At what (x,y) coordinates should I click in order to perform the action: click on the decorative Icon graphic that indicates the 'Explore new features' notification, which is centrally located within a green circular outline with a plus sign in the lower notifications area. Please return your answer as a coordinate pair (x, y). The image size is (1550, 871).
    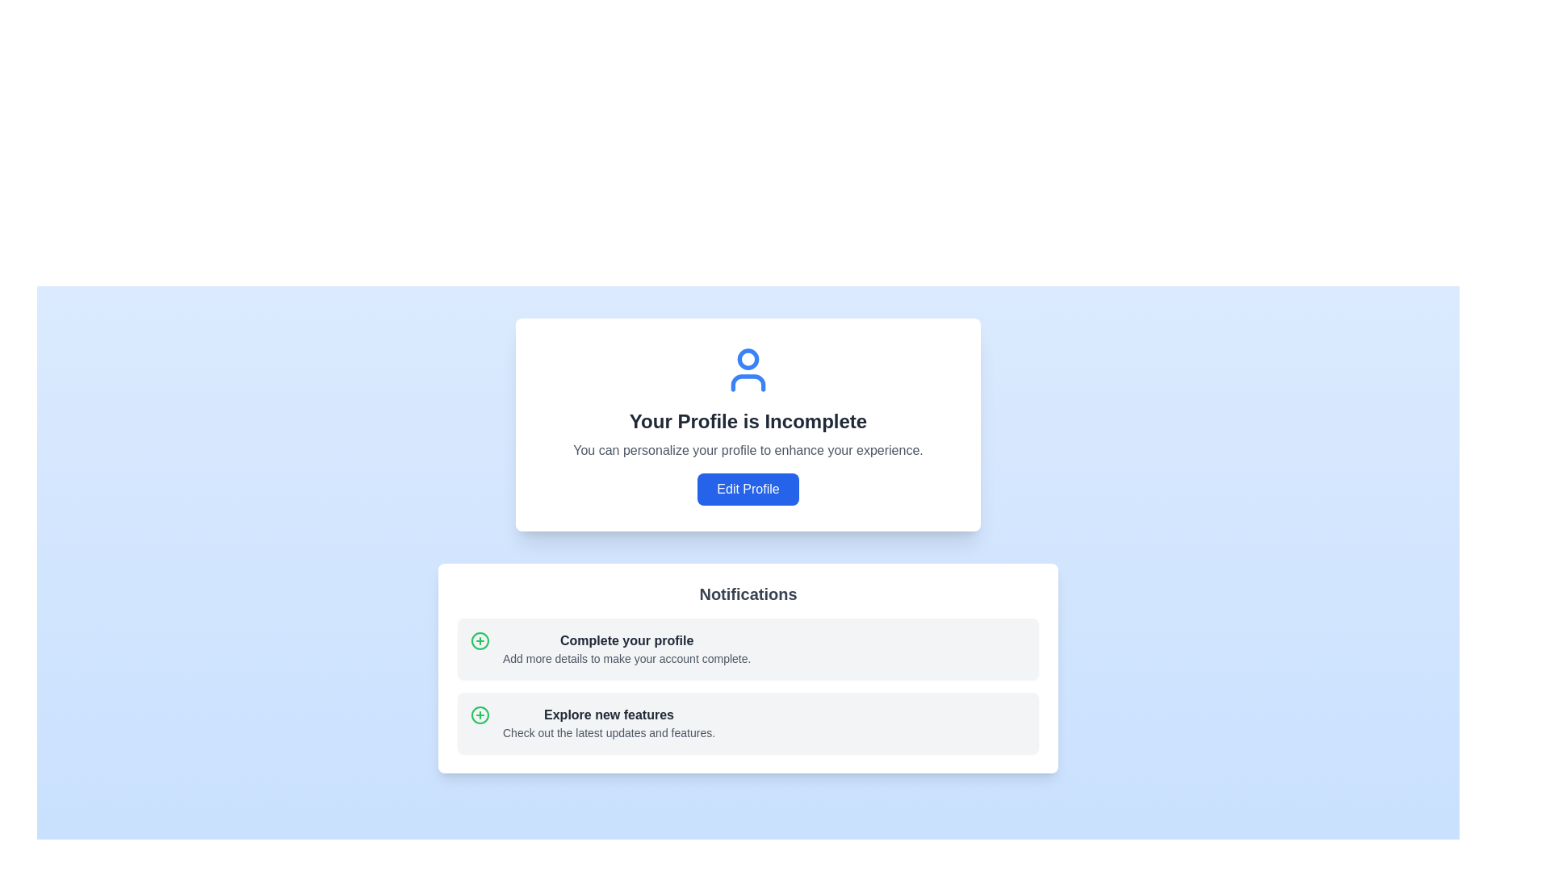
    Looking at the image, I should click on (480, 640).